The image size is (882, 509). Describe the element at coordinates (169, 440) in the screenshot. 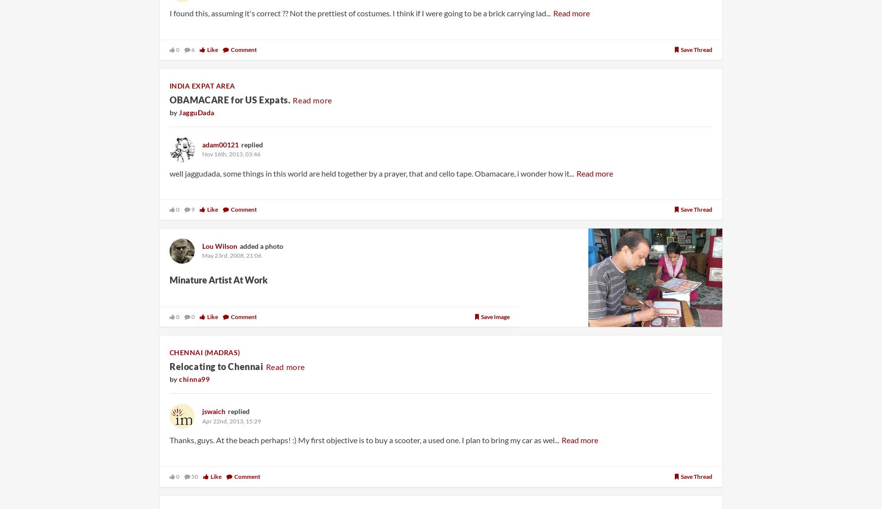

I see `'Thanks, guys. At the beach perhaps! :) My first objective is to buy a scooter, a used one. I plan to bring my car as wel...'` at that location.